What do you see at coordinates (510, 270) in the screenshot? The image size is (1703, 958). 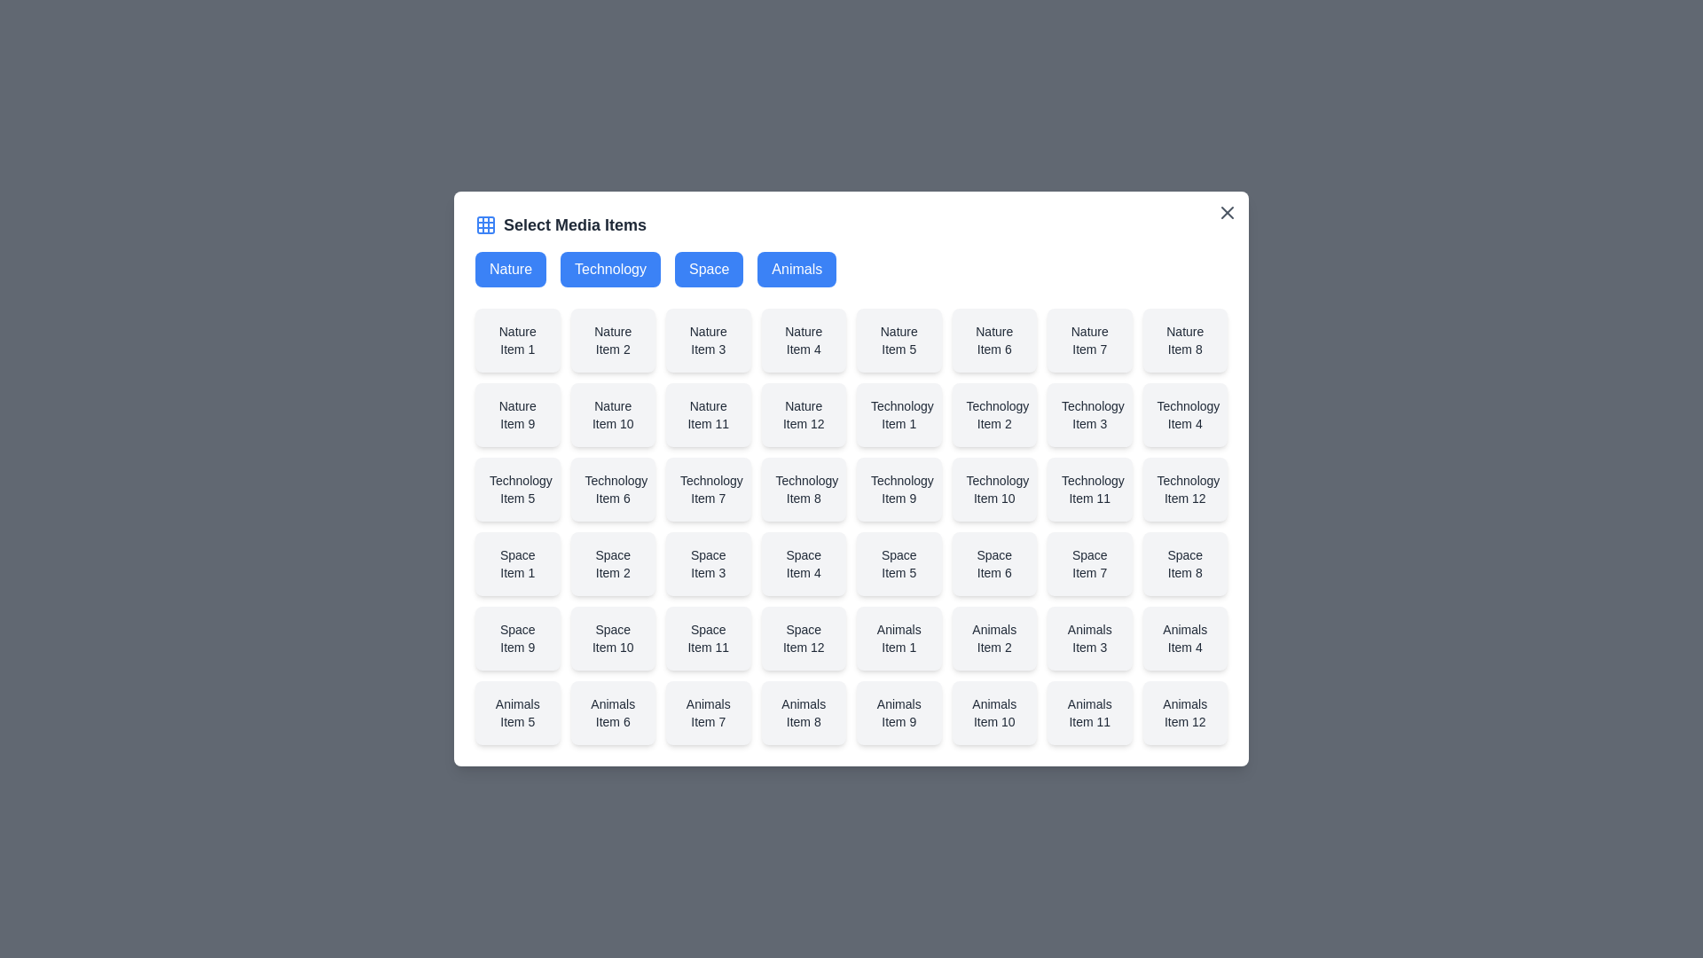 I see `the Nature button to select the desired category` at bounding box center [510, 270].